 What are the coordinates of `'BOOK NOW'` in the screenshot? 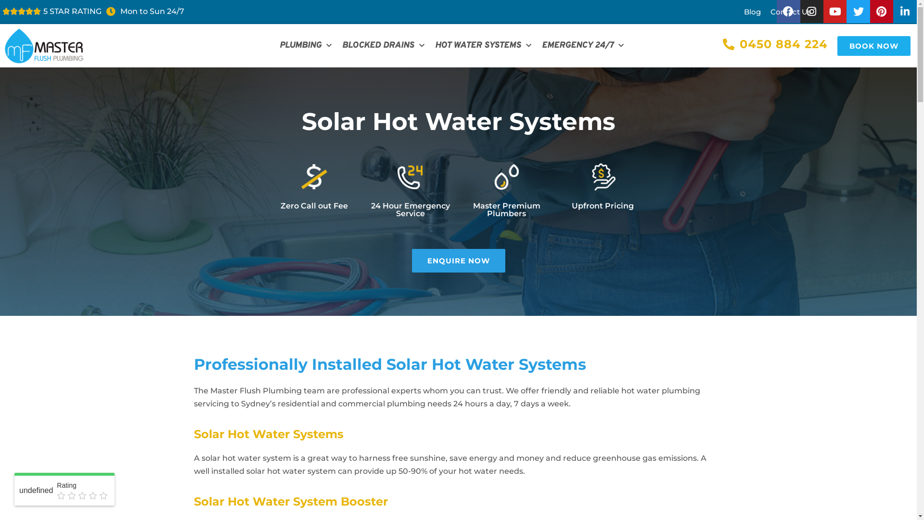 It's located at (836, 45).